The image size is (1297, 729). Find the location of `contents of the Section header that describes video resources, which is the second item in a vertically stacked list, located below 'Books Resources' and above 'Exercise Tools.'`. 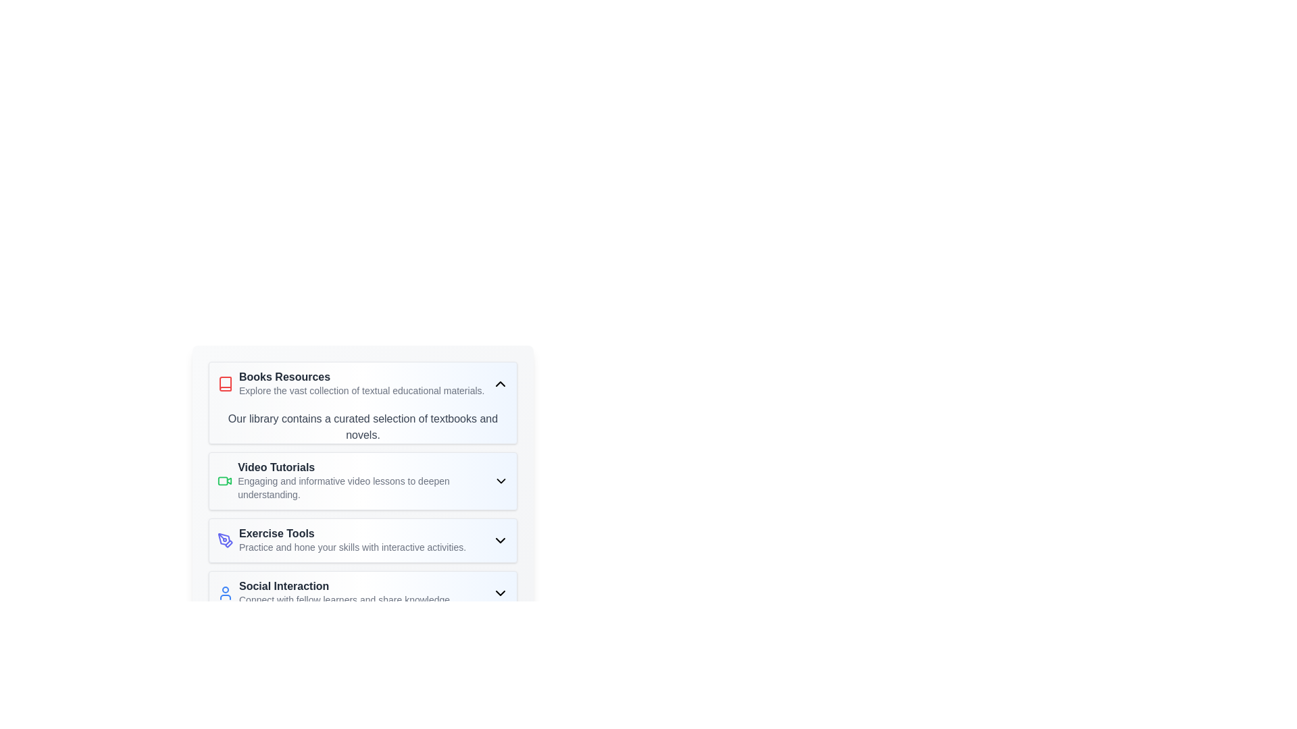

contents of the Section header that describes video resources, which is the second item in a vertically stacked list, located below 'Books Resources' and above 'Exercise Tools.' is located at coordinates (355, 481).